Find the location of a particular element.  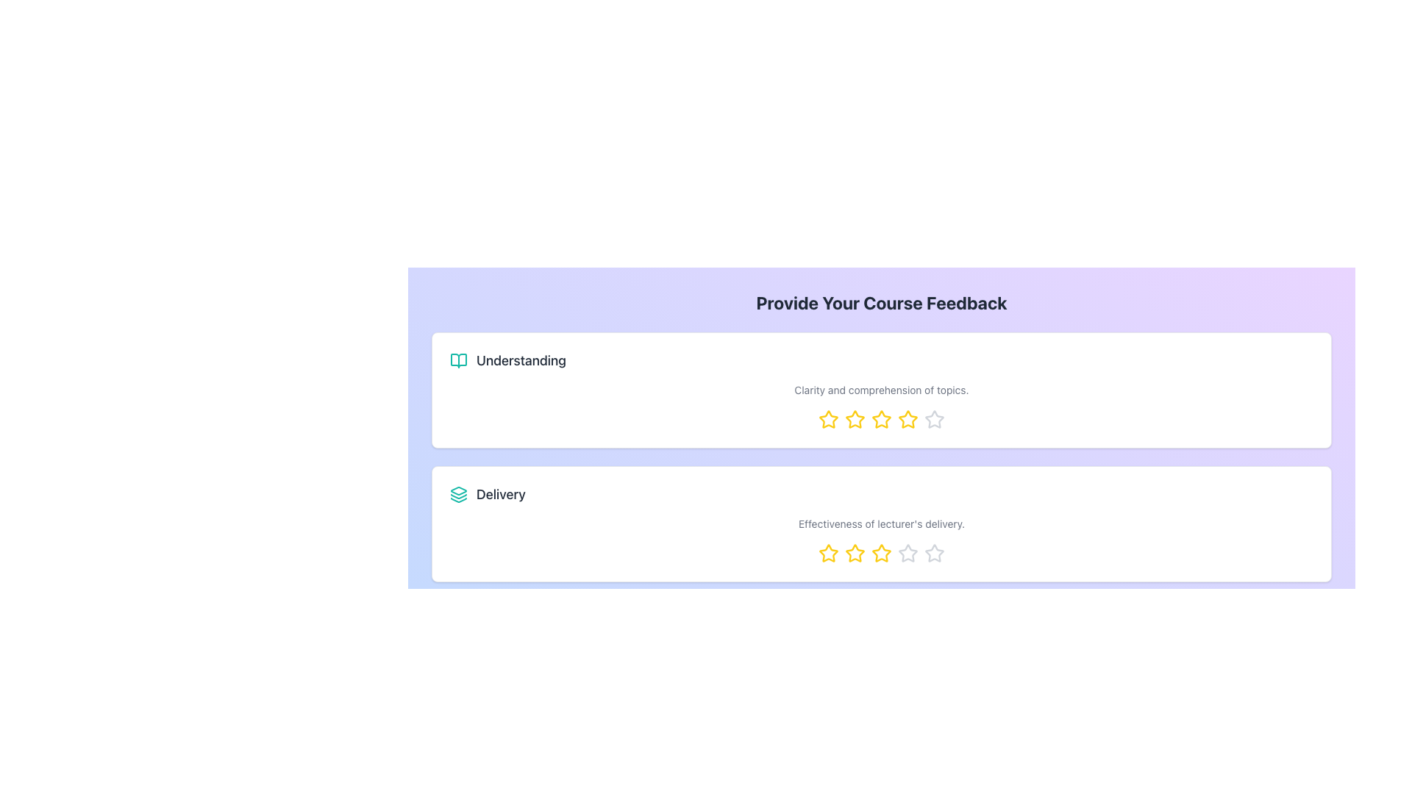

the first yellow star icon in the star rating component is located at coordinates (829, 419).